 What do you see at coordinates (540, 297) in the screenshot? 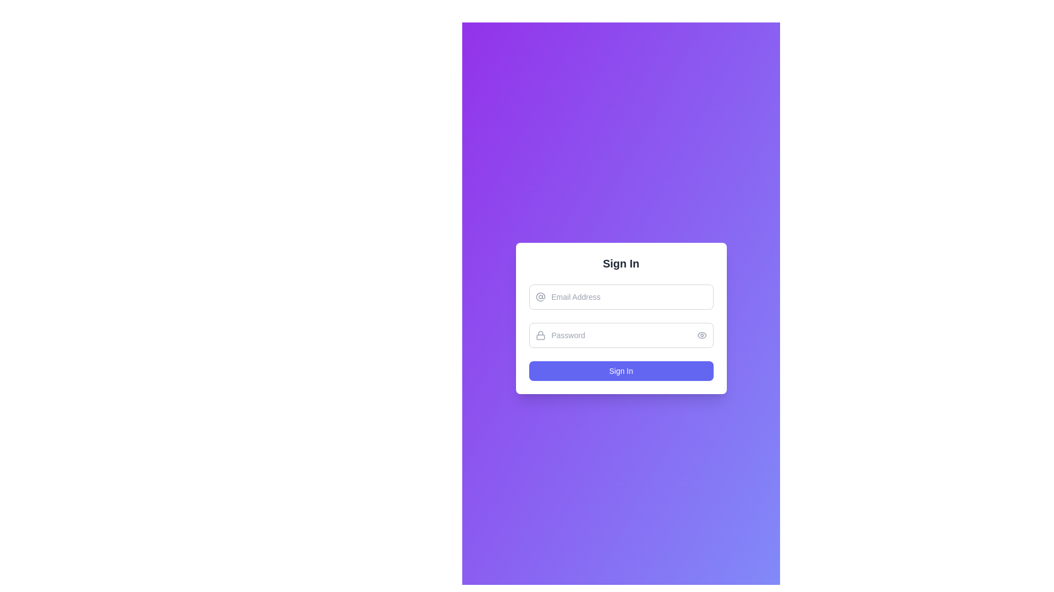
I see `the SVG '@' icon located to the immediate left of the 'Email Address' input field, which features a gray circular design with a stylized letter 'a'` at bounding box center [540, 297].